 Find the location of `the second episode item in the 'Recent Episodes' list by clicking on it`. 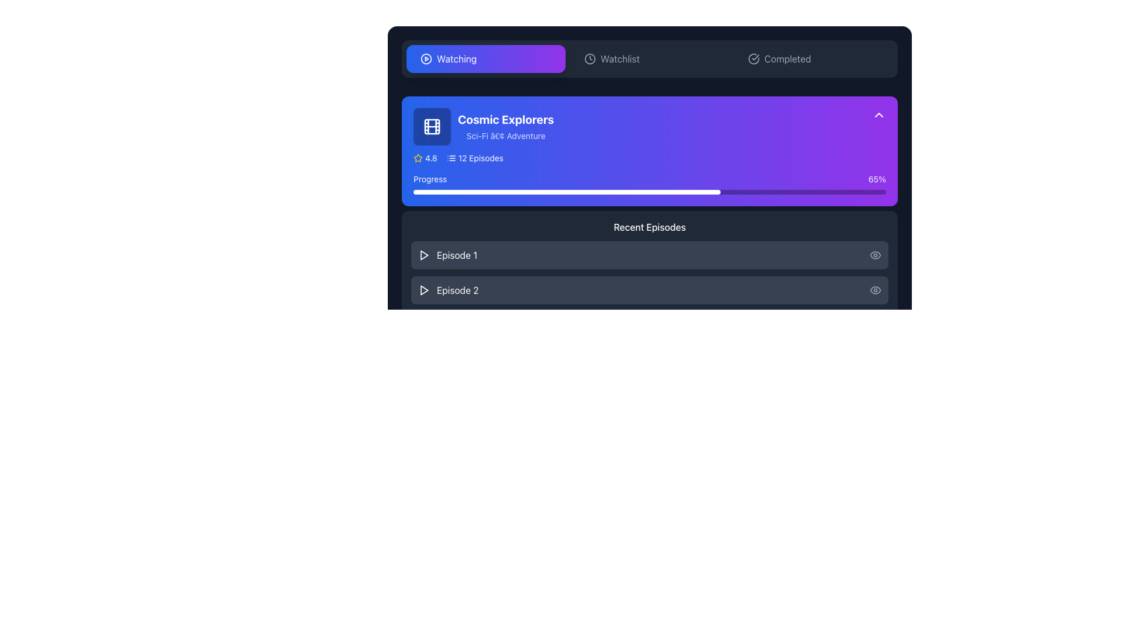

the second episode item in the 'Recent Episodes' list by clicking on it is located at coordinates (649, 290).